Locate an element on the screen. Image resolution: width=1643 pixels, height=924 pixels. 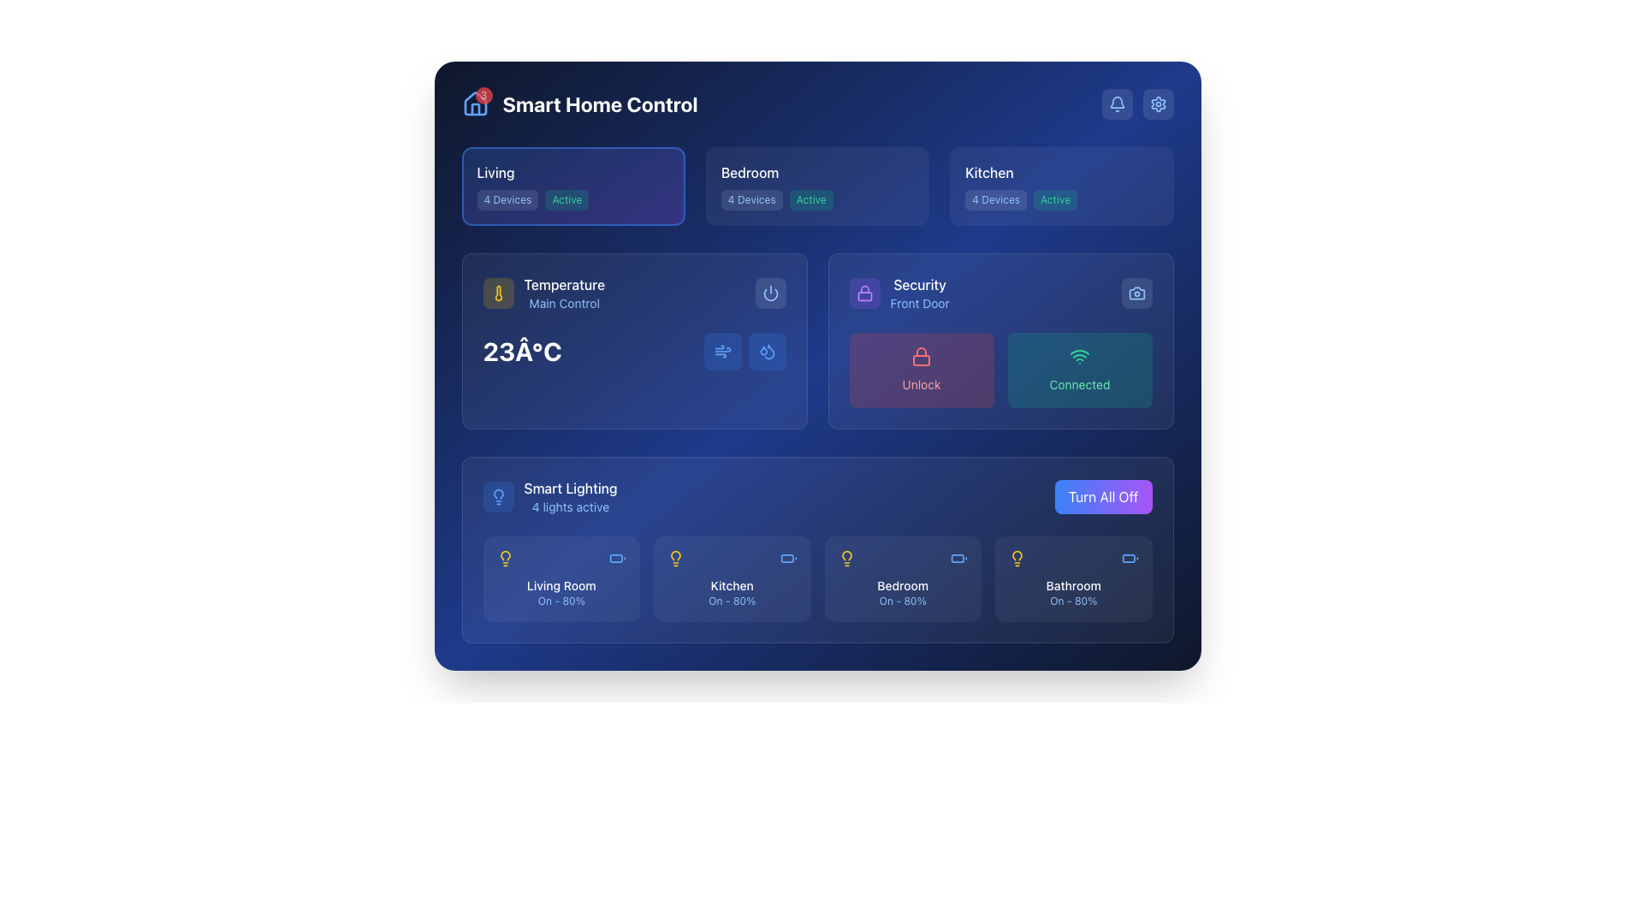
the 'Active' status indicator badge for the 'Kitchen' section, which is located to the right of the '4 Devices' badge in the upper-right area of the interface is located at coordinates (1060, 187).